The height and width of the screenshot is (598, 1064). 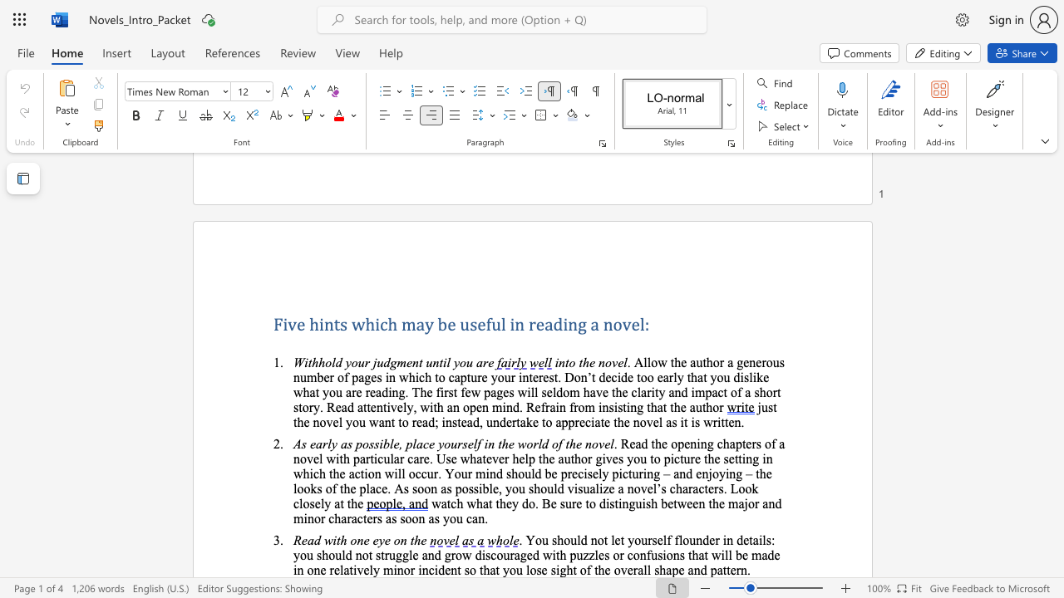 What do you see at coordinates (329, 569) in the screenshot?
I see `the subset text "relat" within the text "relatively minor"` at bounding box center [329, 569].